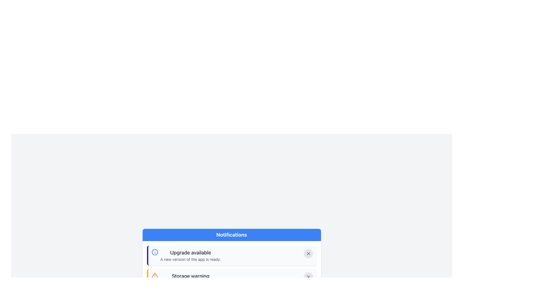 The width and height of the screenshot is (535, 301). Describe the element at coordinates (155, 252) in the screenshot. I see `the small circular blue outlined icon with an exclamation mark symbol located at the top-left corner of the notification entry reading 'Upgrade available A new version of the app is ready.'` at that location.